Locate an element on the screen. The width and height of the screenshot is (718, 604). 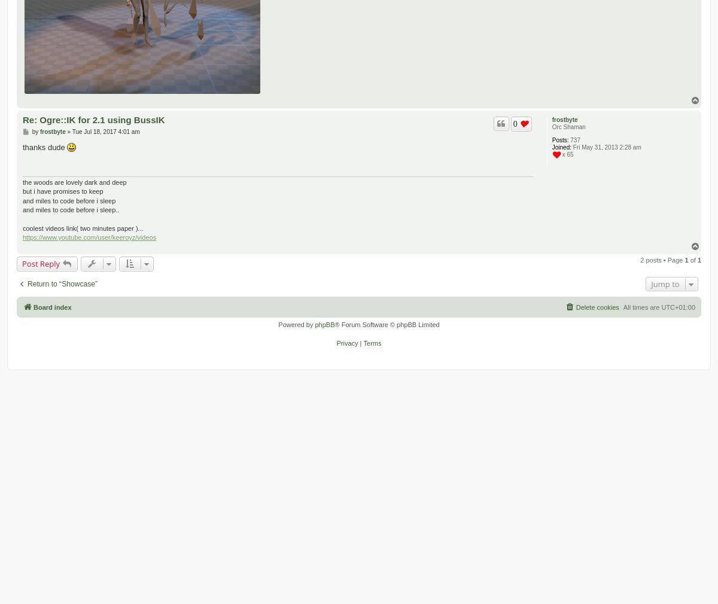
'the woods are lovely dark and deep' is located at coordinates (74, 182).